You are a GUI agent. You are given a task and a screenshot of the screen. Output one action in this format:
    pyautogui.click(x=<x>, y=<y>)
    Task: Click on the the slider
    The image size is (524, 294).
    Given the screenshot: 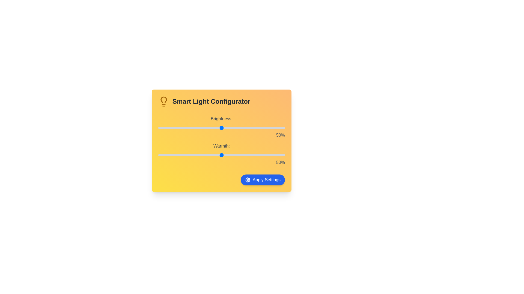 What is the action you would take?
    pyautogui.click(x=197, y=155)
    